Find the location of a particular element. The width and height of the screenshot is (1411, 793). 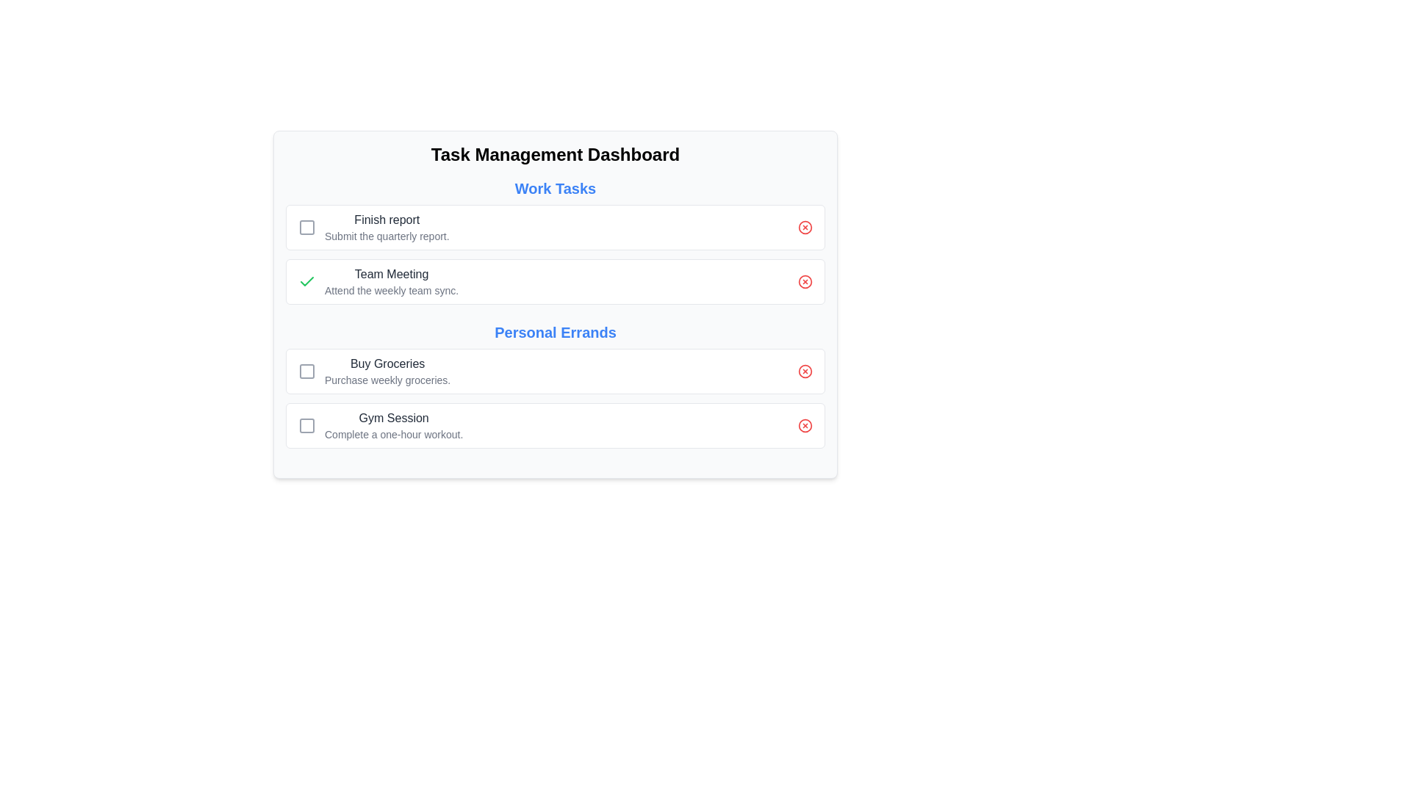

the delete icon located on the far-right side of the 'Buy Groceries' task in the 'Personal Errands' section to invoke the delete action is located at coordinates (804, 370).